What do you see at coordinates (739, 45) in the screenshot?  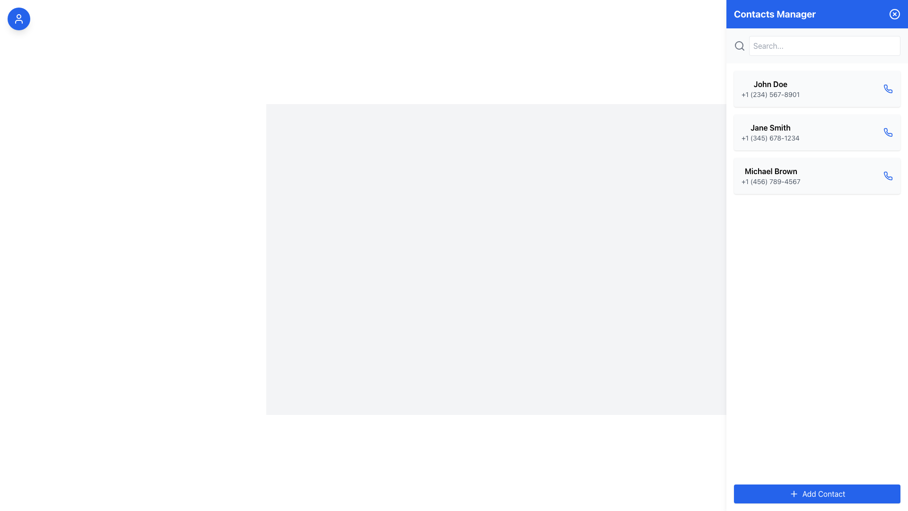 I see `the search icon represented by a magnifying glass, which is styled in gray and located to the left of the 'Search...' text input field` at bounding box center [739, 45].